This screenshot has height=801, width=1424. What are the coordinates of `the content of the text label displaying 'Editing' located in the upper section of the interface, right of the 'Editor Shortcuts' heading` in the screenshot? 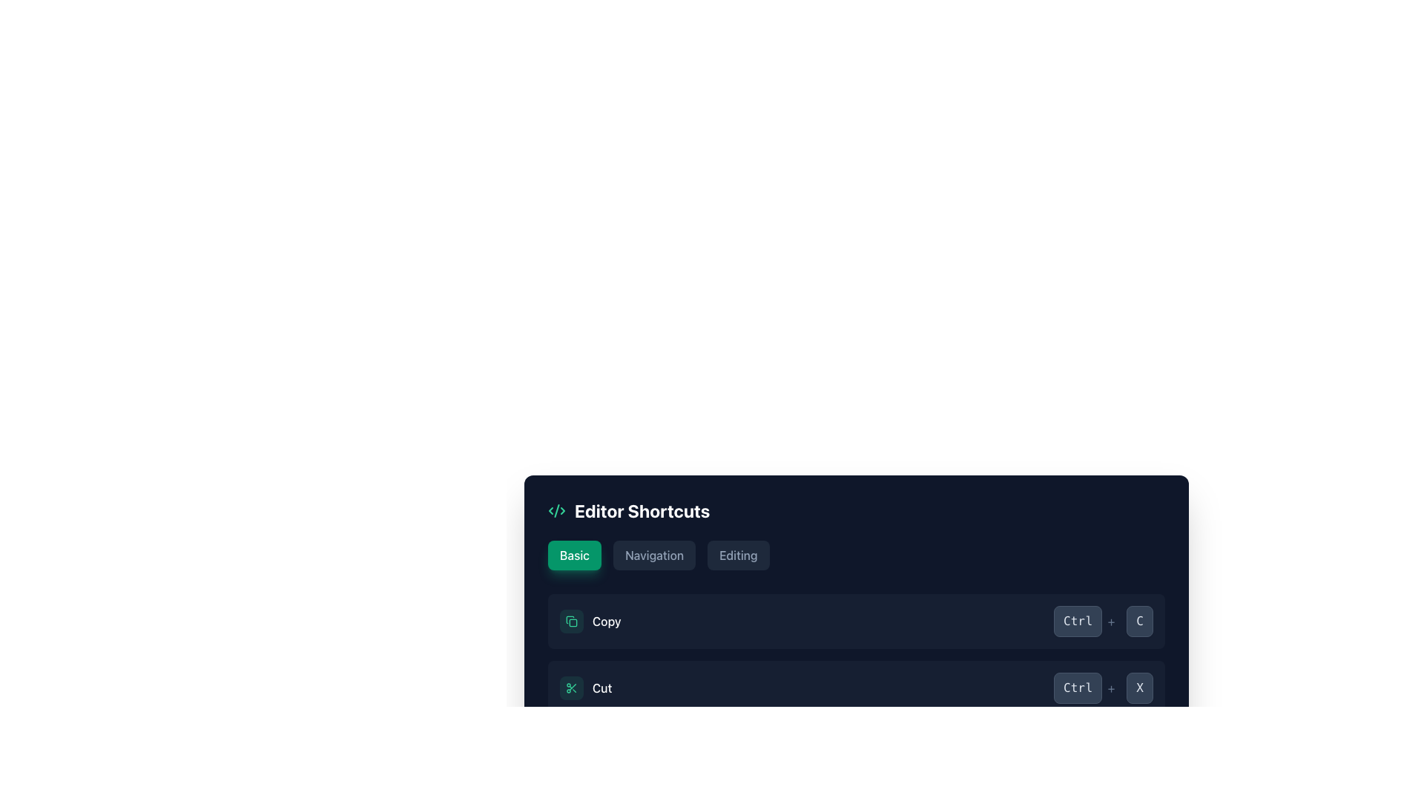 It's located at (738, 555).